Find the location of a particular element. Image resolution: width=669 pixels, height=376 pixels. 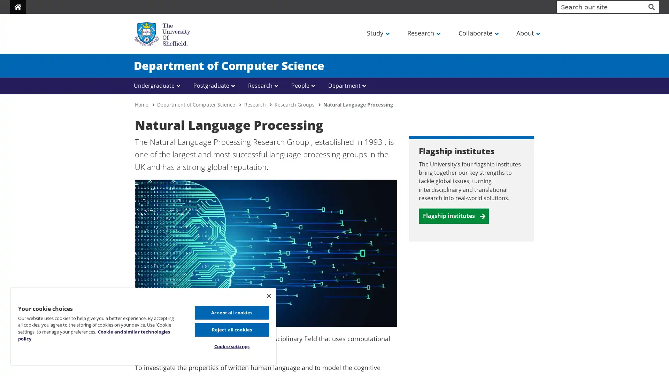

Study is located at coordinates (377, 33).